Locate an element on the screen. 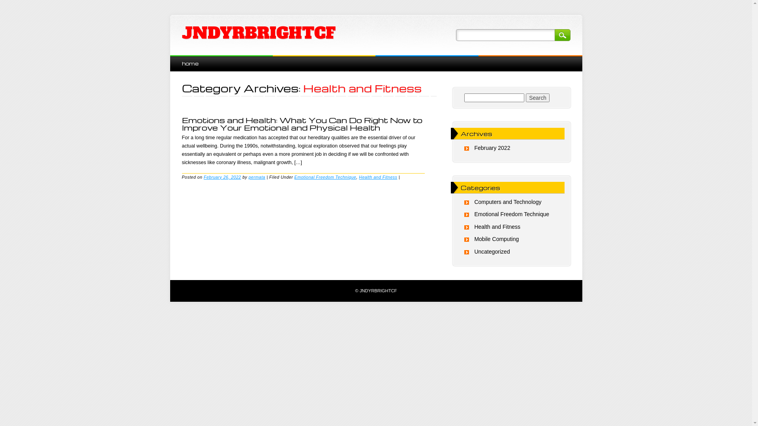  'Search' is located at coordinates (525, 97).